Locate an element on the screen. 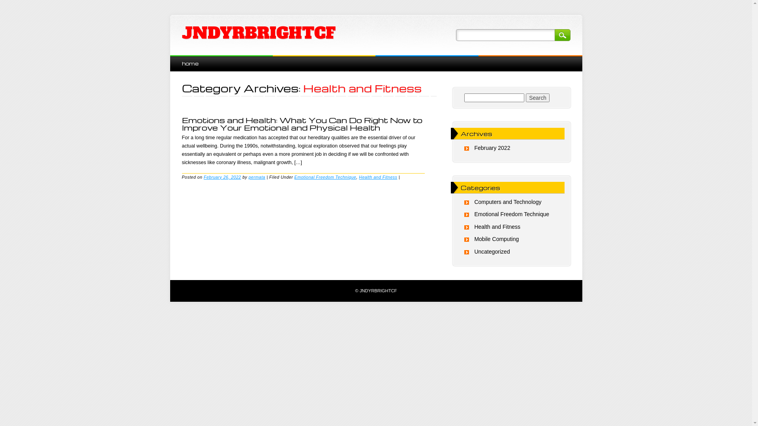  'Search' is located at coordinates (525, 97).